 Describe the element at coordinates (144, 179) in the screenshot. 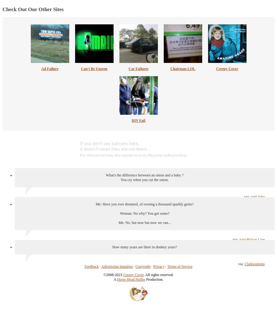

I see `'You cry when you cut the onion.'` at that location.